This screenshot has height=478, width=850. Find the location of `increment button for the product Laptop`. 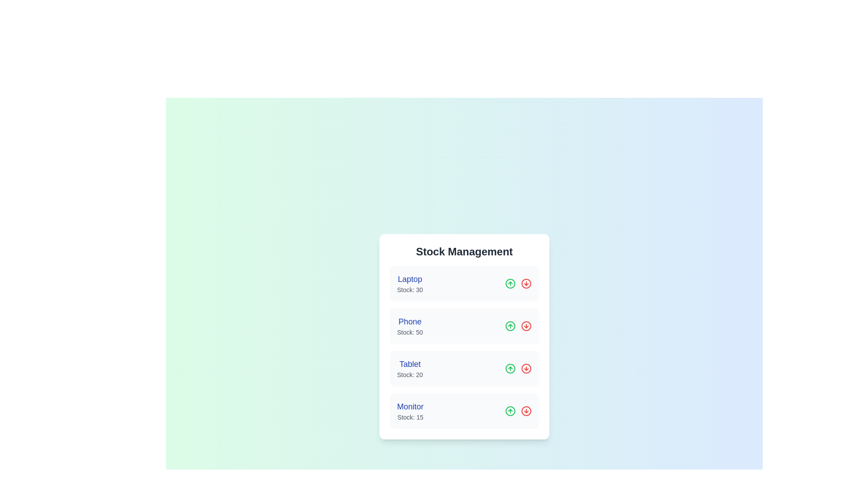

increment button for the product Laptop is located at coordinates (510, 283).